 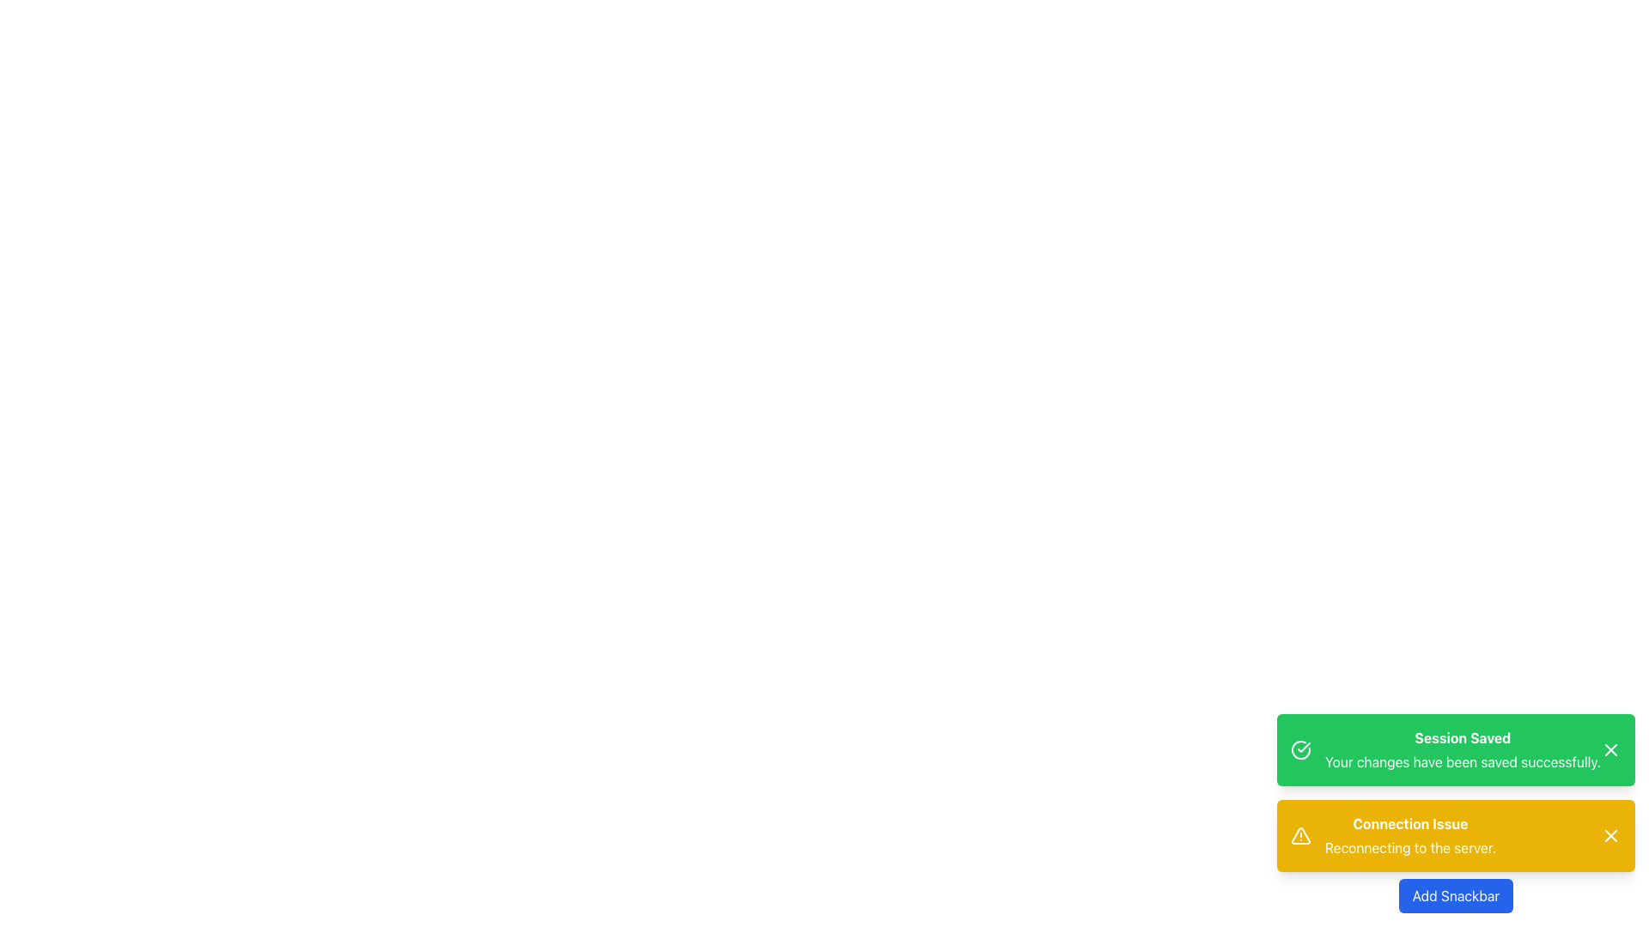 What do you see at coordinates (1304, 747) in the screenshot?
I see `the checkmark icon located on the left side of the 'Session Saved' notification box, which signifies a successful operation` at bounding box center [1304, 747].